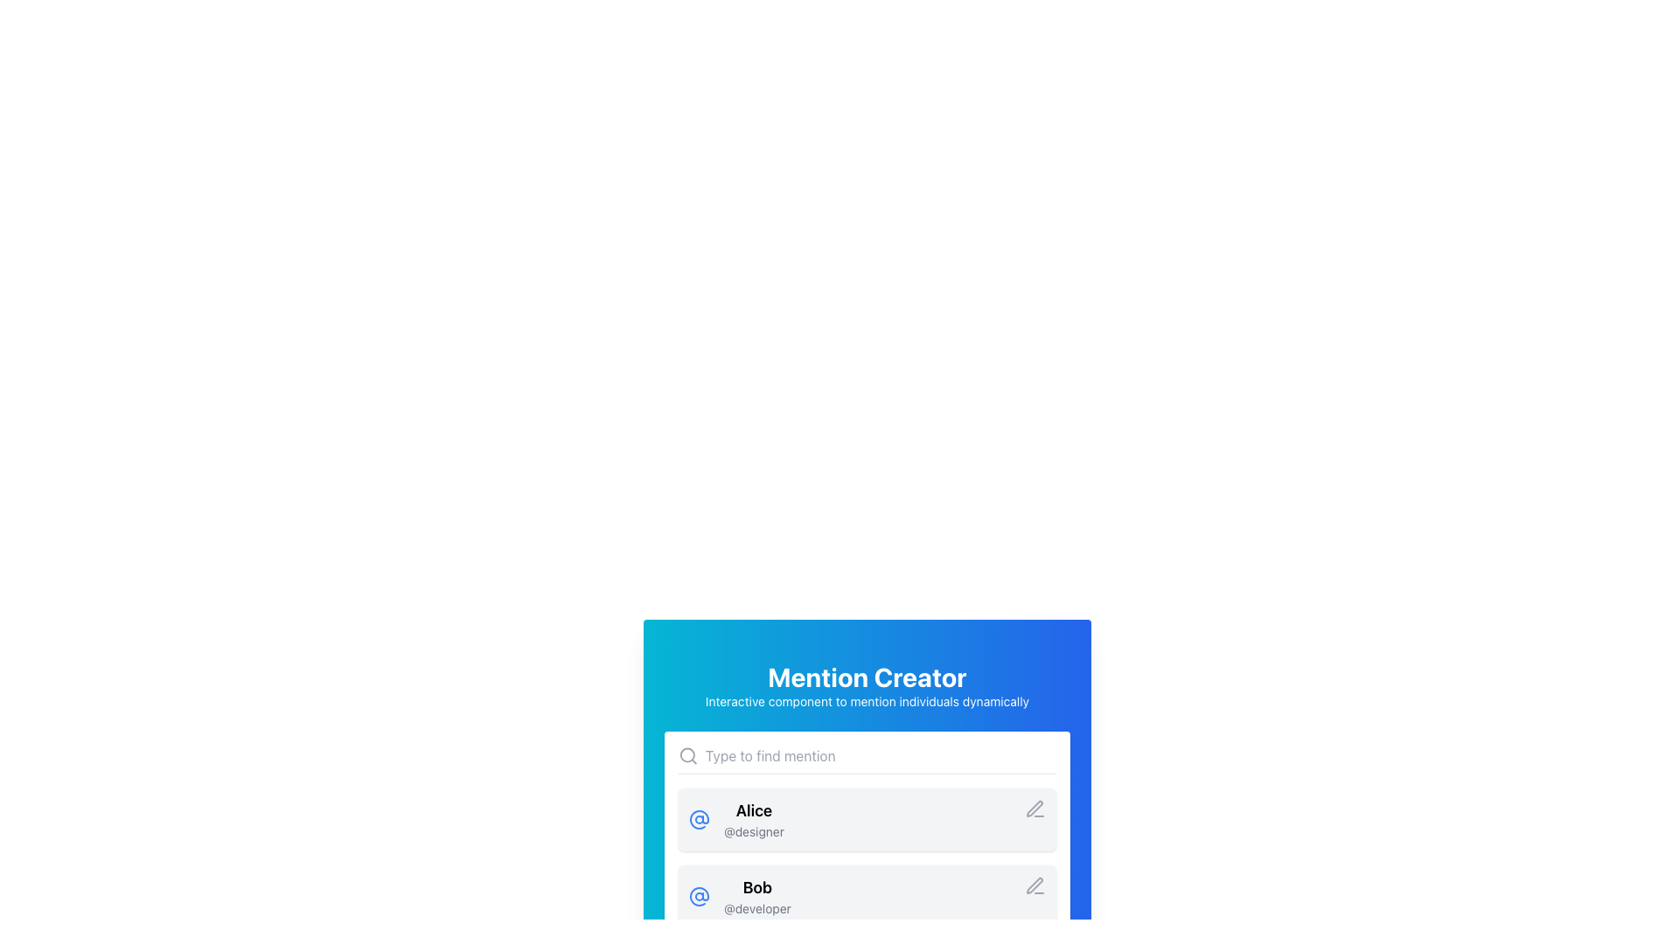 The width and height of the screenshot is (1679, 944). What do you see at coordinates (687, 754) in the screenshot?
I see `the magnifying glass icon, which is a gray SVG graphic indicating a search function, located at the far left of the 'Type to find mention' input field` at bounding box center [687, 754].